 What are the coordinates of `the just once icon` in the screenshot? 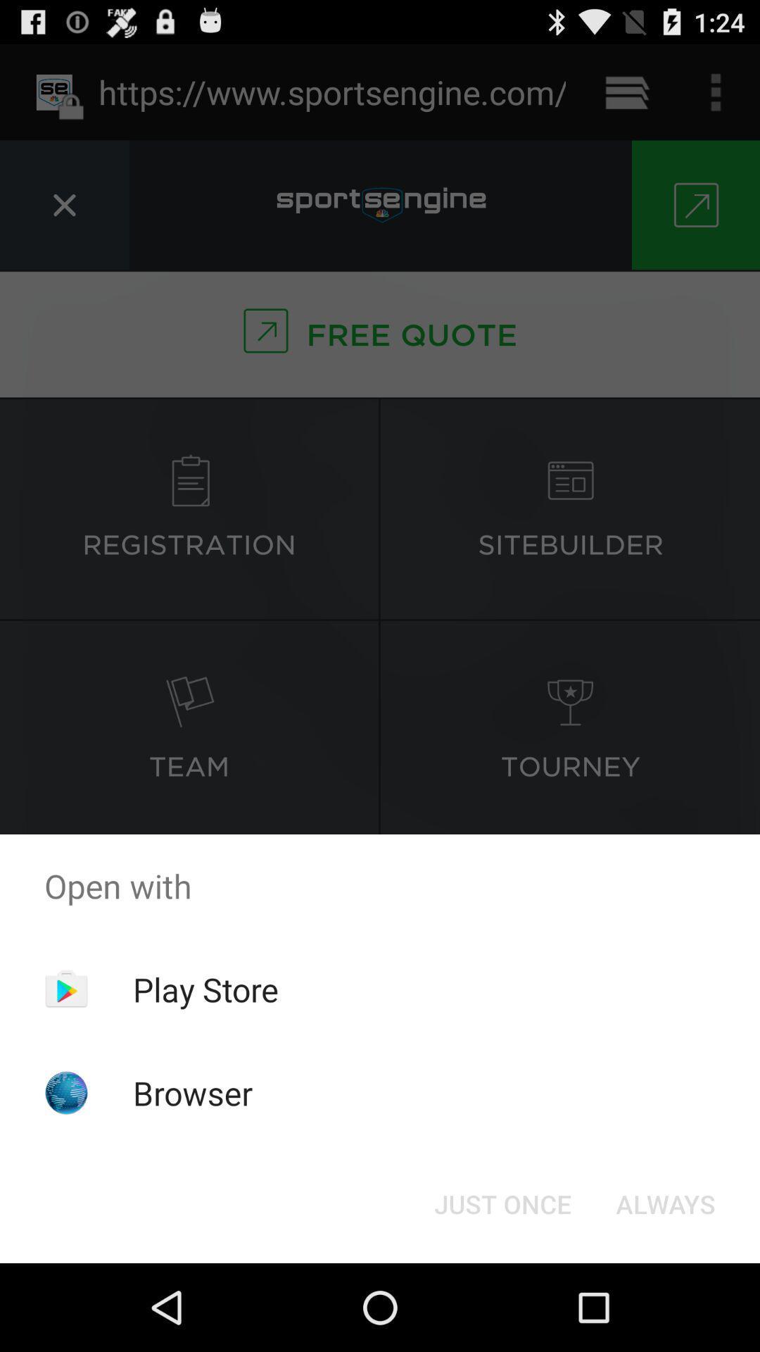 It's located at (502, 1203).